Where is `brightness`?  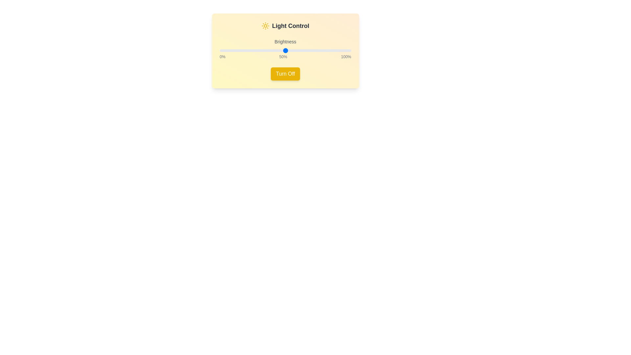
brightness is located at coordinates (326, 50).